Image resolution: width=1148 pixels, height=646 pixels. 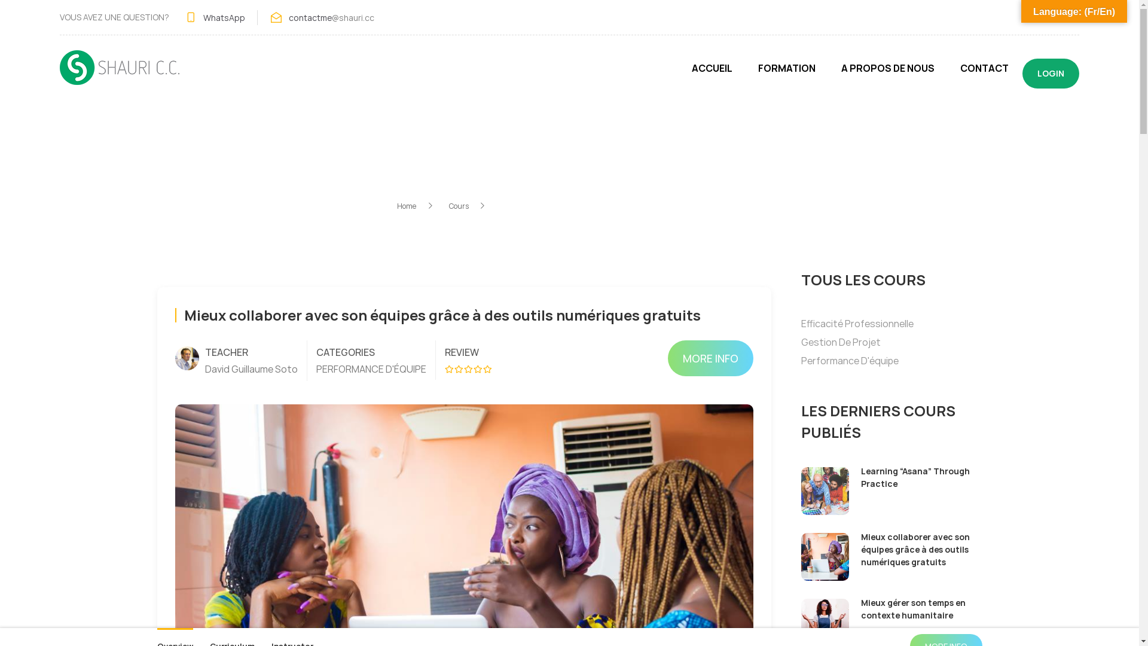 I want to click on 'Cours', so click(x=466, y=205).